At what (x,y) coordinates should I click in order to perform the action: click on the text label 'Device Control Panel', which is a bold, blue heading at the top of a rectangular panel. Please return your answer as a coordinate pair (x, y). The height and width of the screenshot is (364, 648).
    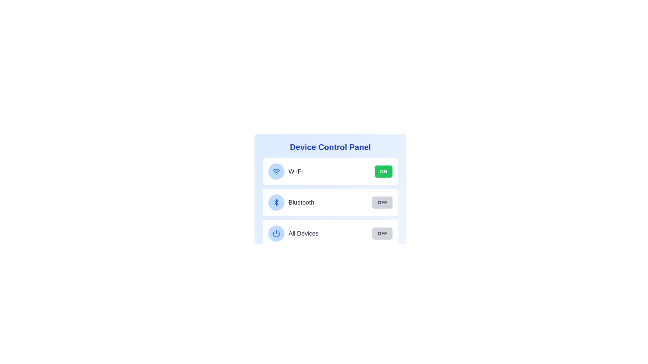
    Looking at the image, I should click on (330, 147).